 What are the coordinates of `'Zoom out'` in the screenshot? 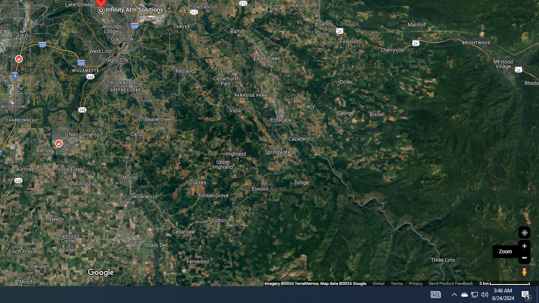 It's located at (524, 257).